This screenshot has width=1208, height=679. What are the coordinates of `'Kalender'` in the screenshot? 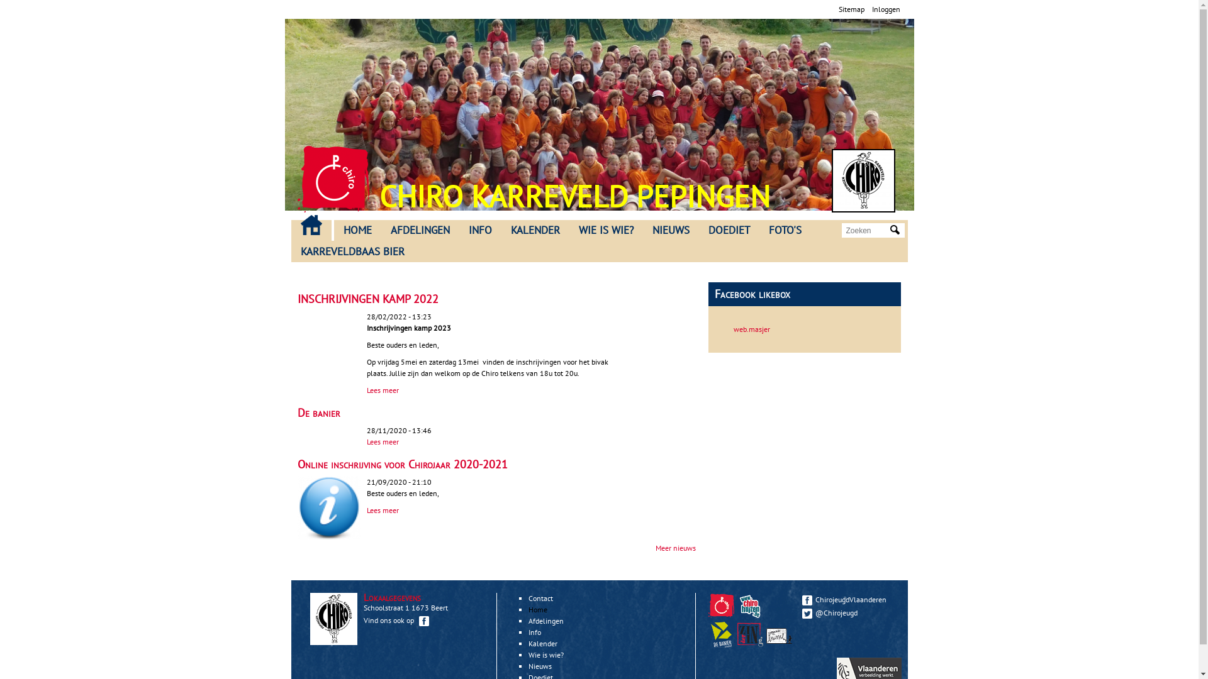 It's located at (528, 643).